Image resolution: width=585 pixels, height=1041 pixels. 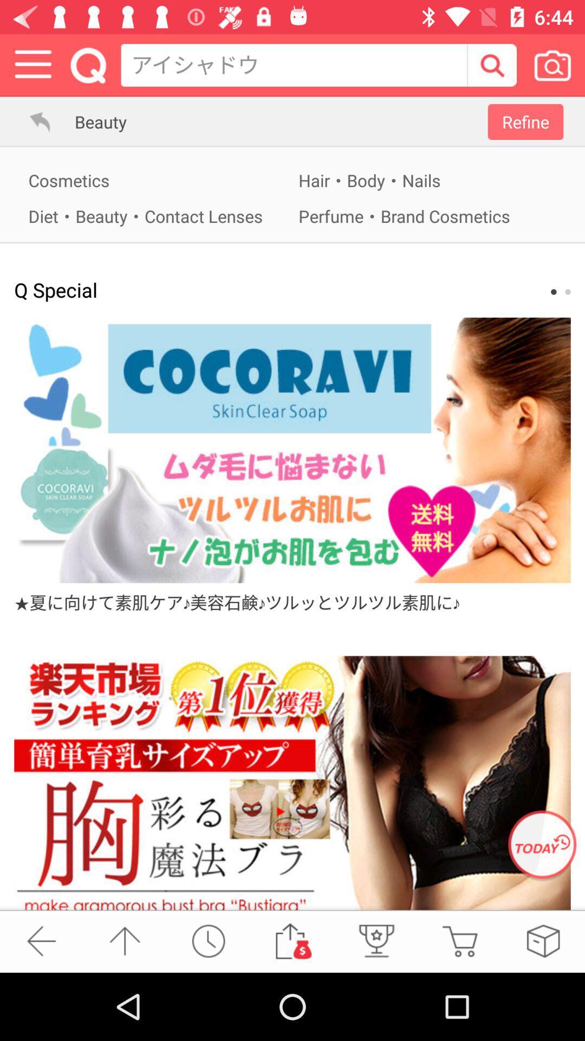 I want to click on the menu button at top left, so click(x=32, y=65).